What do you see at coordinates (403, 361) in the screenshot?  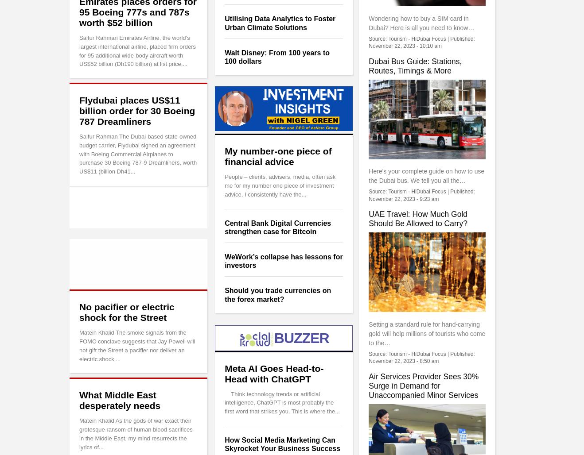 I see `'November 22, 2023 - 8:50 am'` at bounding box center [403, 361].